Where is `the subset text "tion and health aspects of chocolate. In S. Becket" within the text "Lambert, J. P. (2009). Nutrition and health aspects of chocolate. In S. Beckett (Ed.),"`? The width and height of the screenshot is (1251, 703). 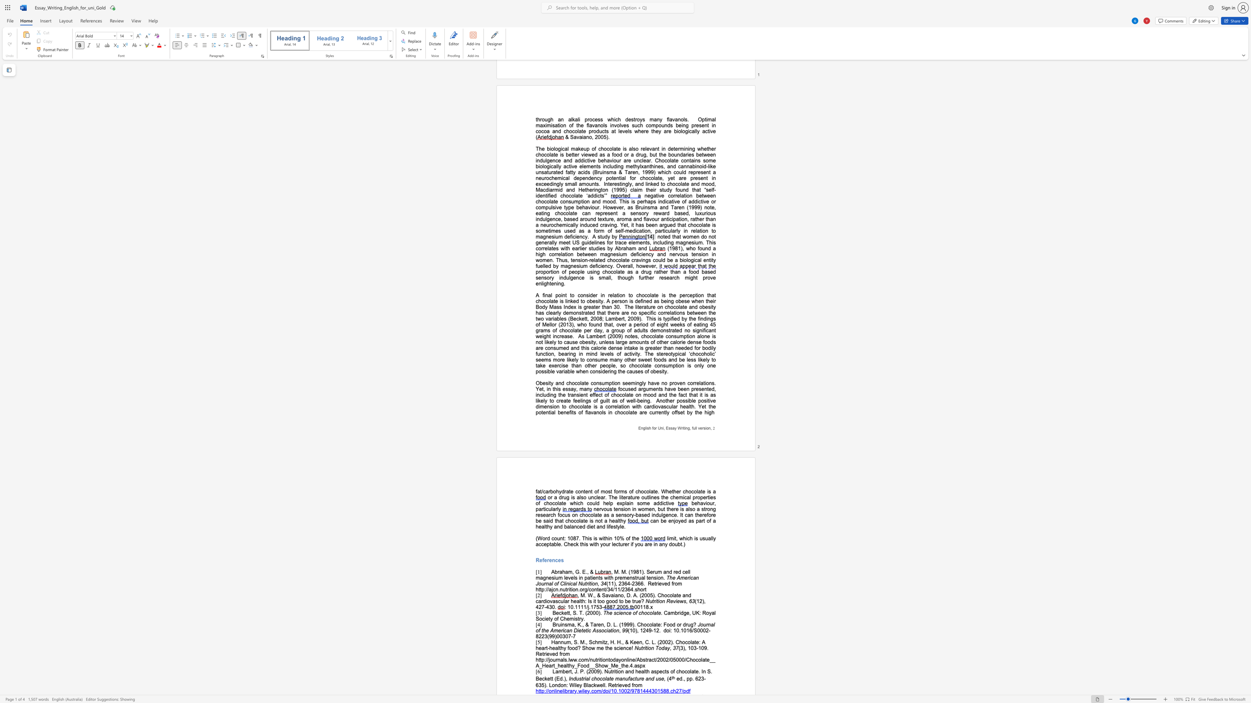
the subset text "tion and health aspects of chocolate. In S. Becket" within the text "Lambert, J. P. (2009). Nutrition and health aspects of chocolate. In S. Beckett (Ed.)," is located at coordinates (615, 671).